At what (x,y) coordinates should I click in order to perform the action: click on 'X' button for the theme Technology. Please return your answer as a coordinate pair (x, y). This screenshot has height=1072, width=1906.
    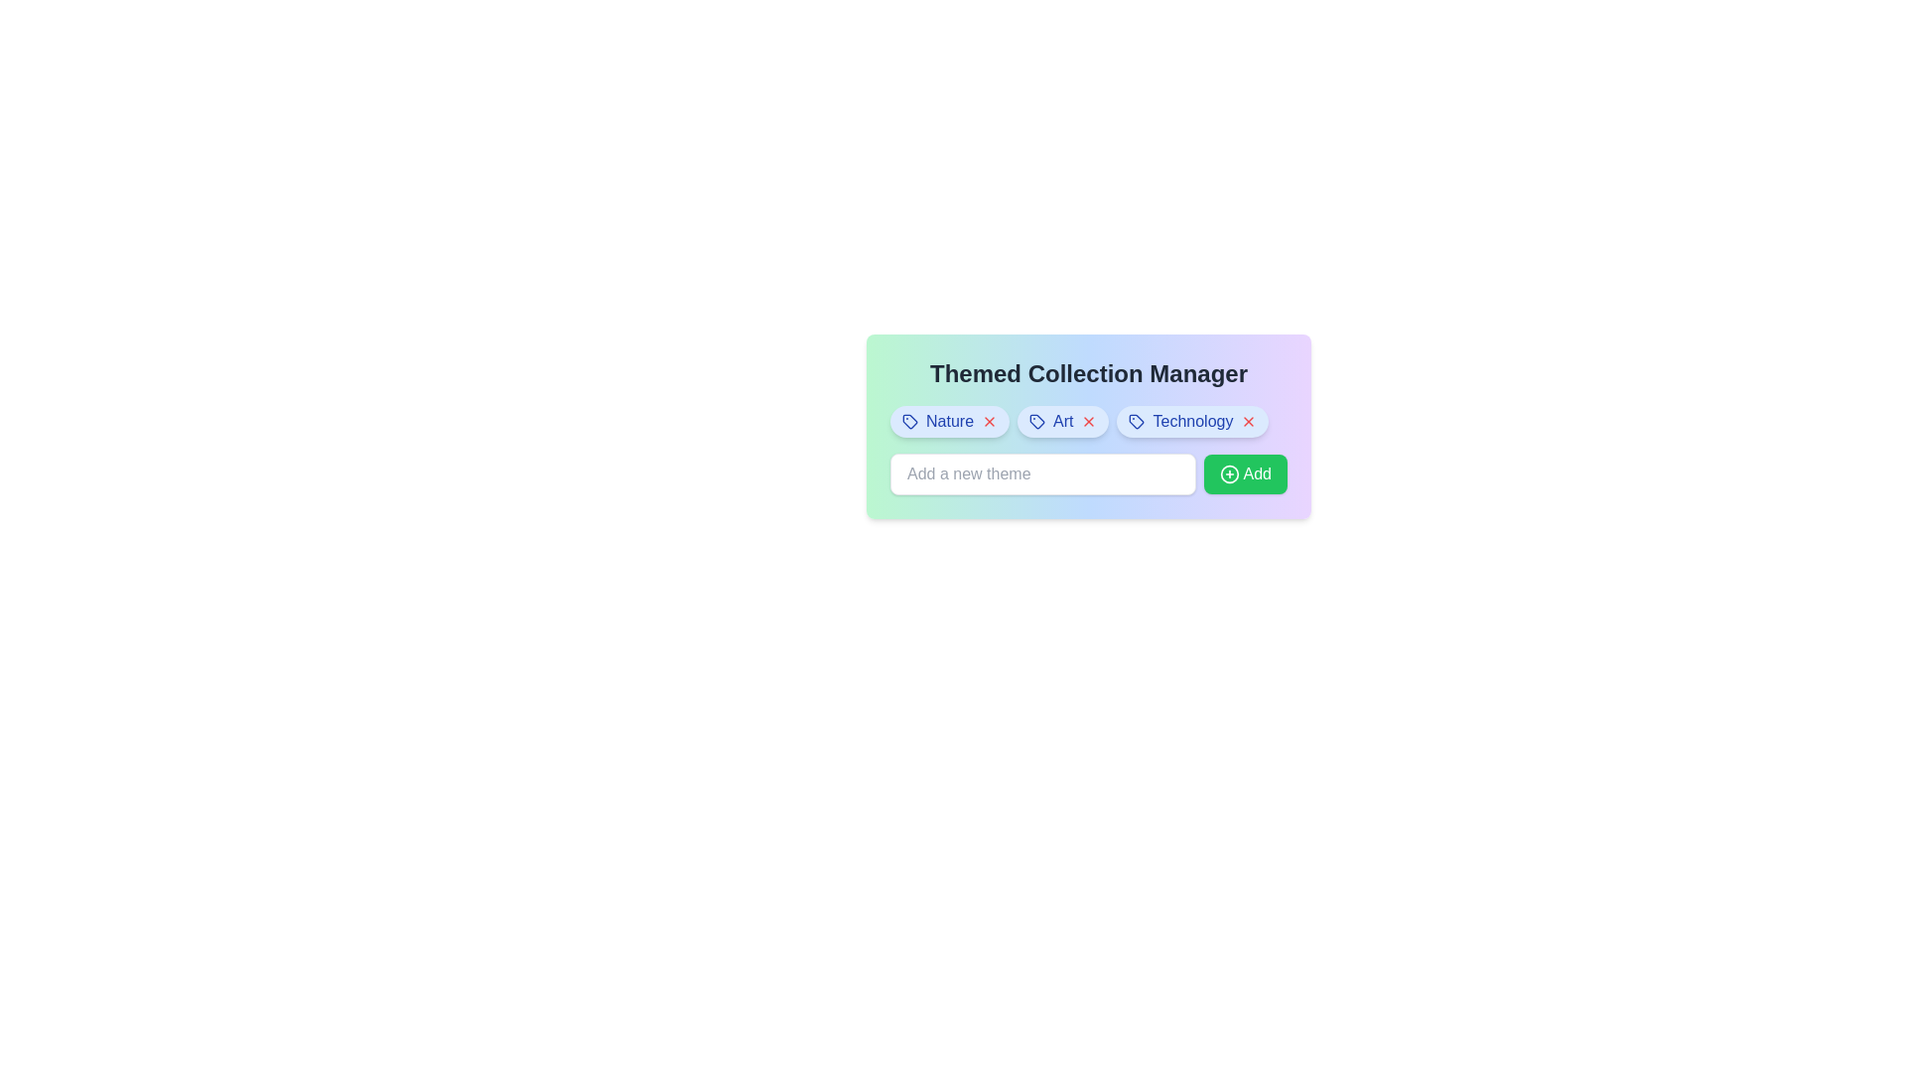
    Looking at the image, I should click on (1248, 420).